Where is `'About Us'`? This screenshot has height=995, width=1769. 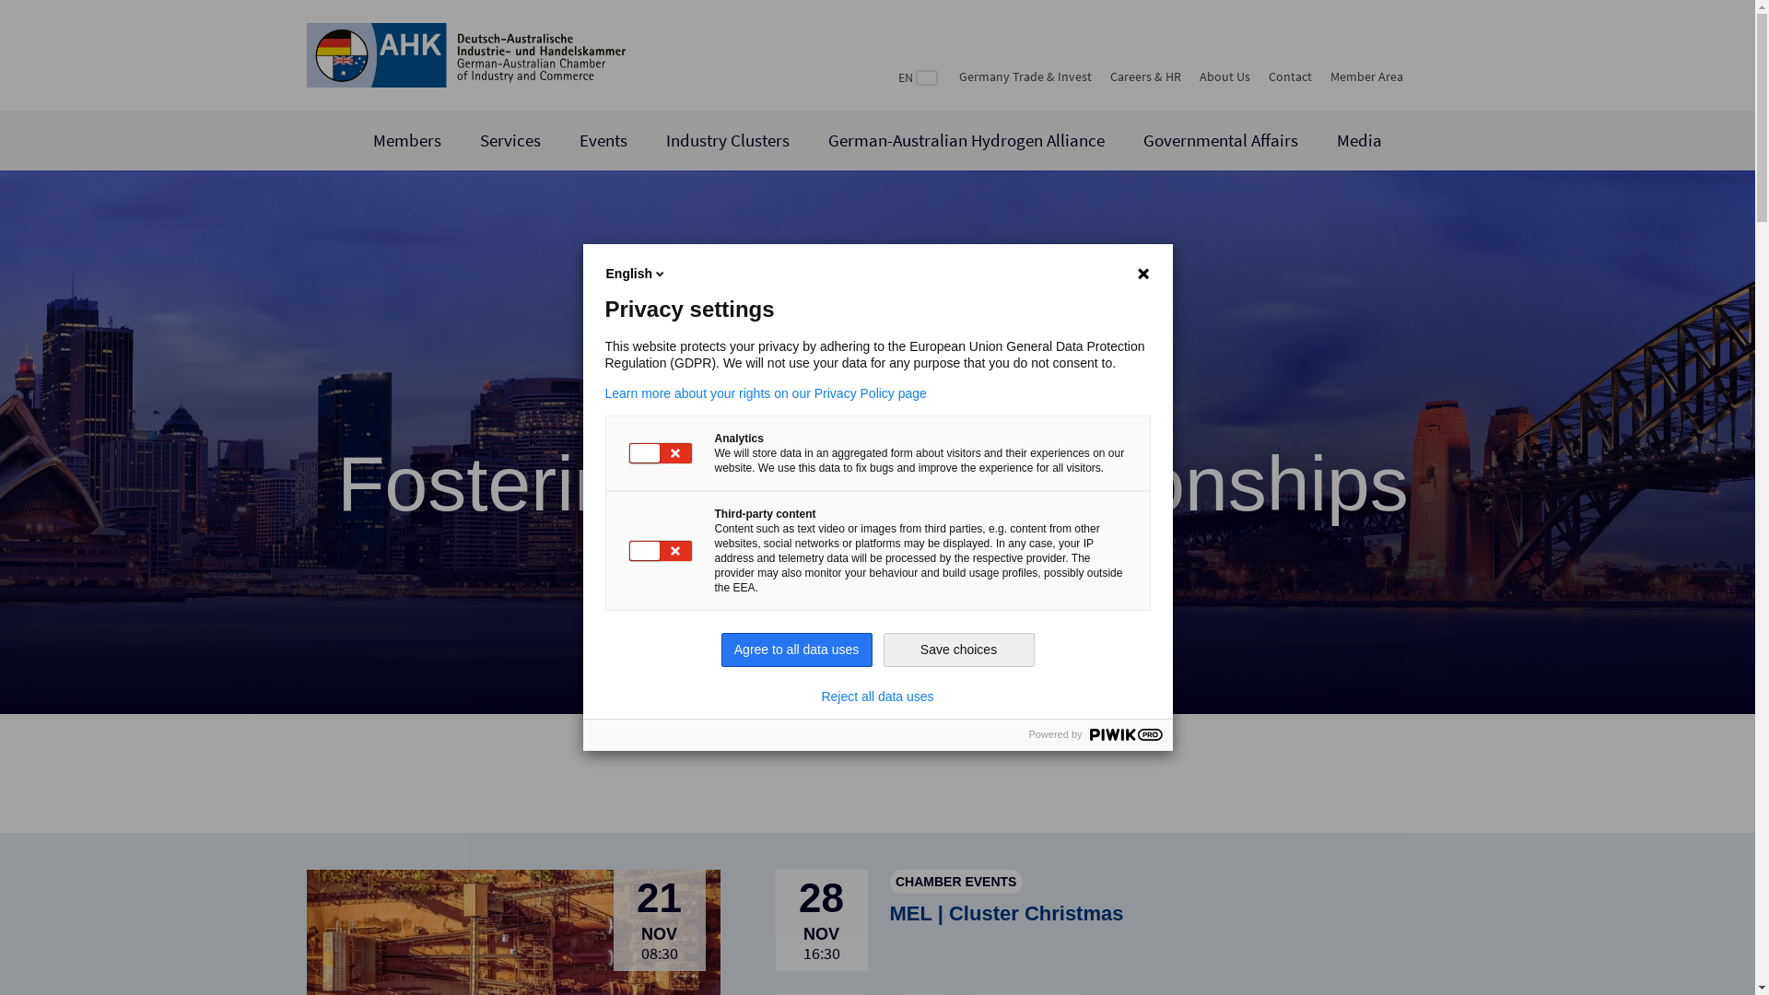 'About Us' is located at coordinates (1224, 76).